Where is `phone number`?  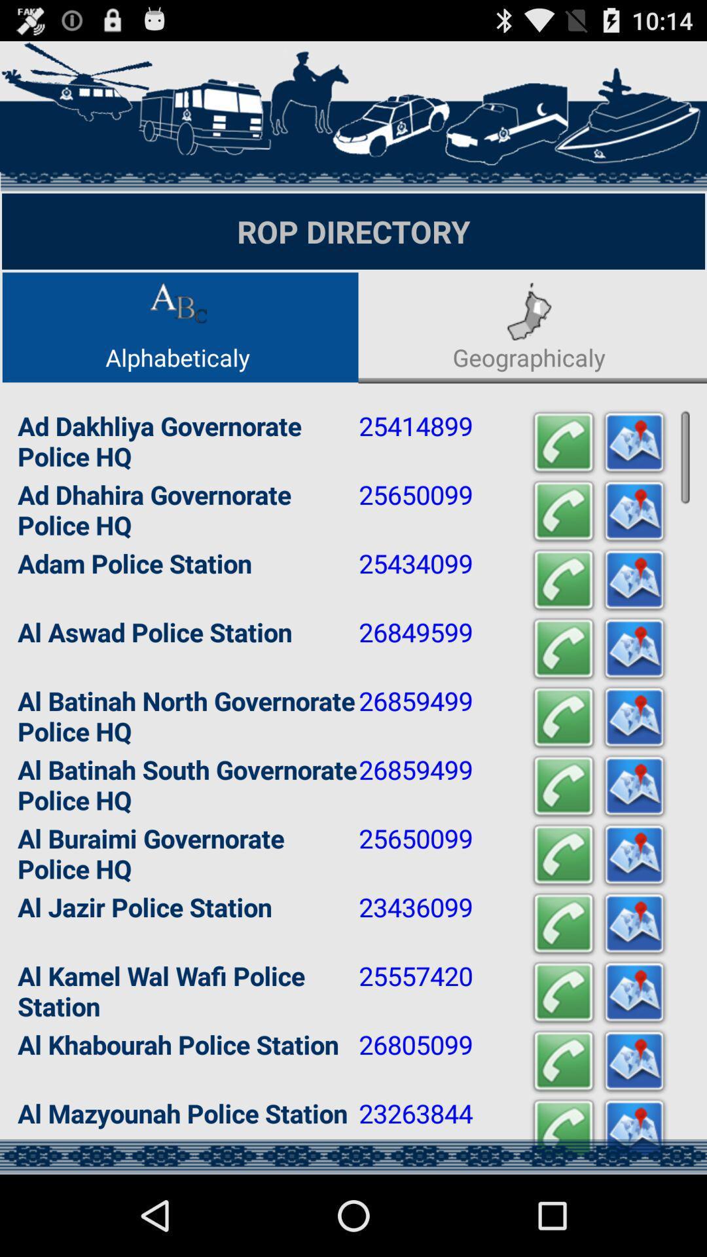 phone number is located at coordinates (562, 923).